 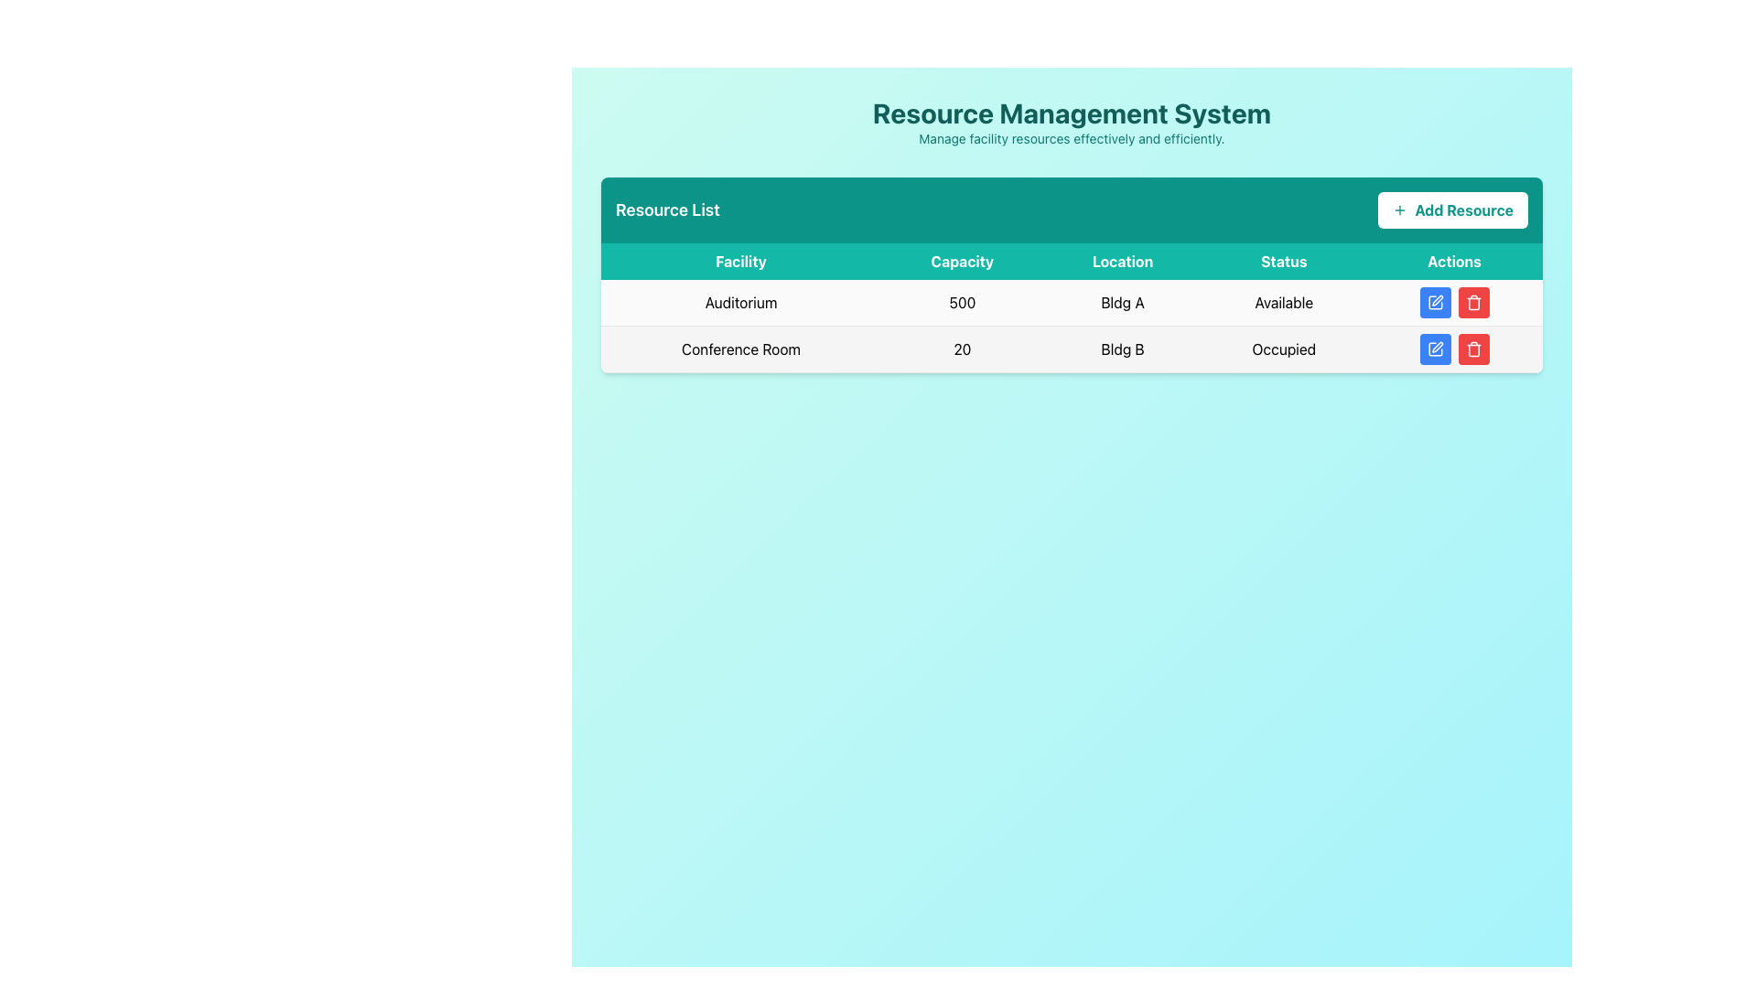 I want to click on the edit button located in the 'Actions' column of the second row of the resource management table, positioned next to the red trashcan icon, so click(x=1436, y=347).